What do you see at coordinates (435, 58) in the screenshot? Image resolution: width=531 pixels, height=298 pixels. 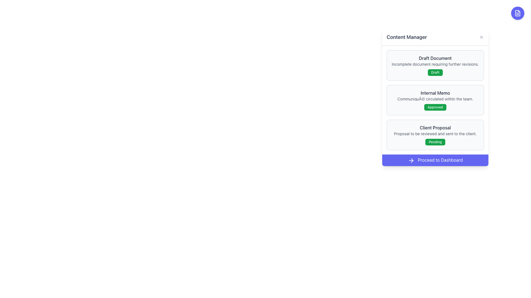 I see `the static text label reading 'Draft Document' which is styled with gray-colored text and positioned at the top of the first content card in the panel` at bounding box center [435, 58].